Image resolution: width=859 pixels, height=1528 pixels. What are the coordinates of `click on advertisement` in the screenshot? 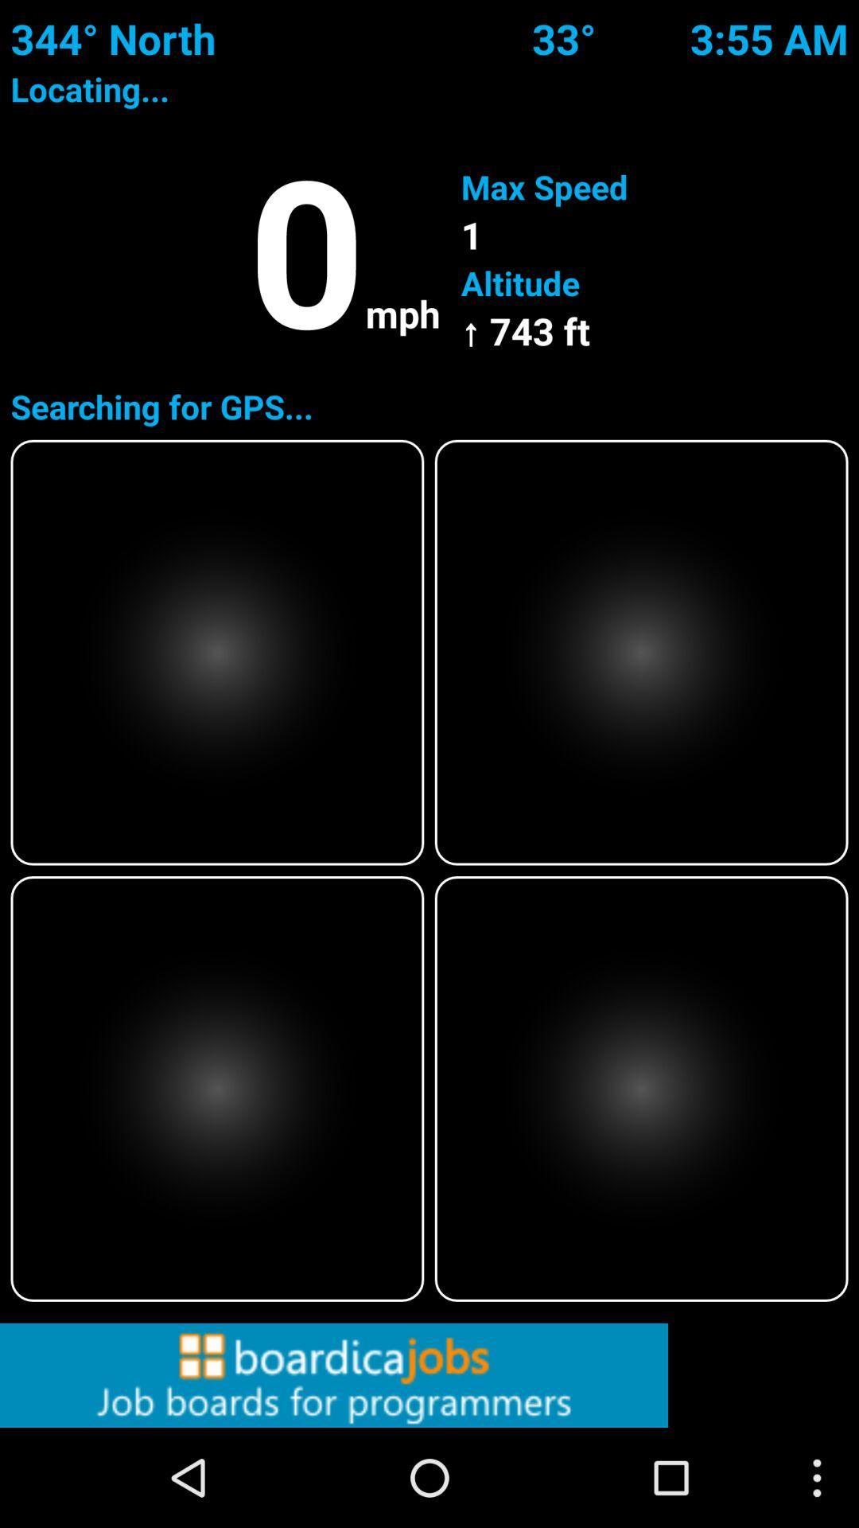 It's located at (429, 1374).